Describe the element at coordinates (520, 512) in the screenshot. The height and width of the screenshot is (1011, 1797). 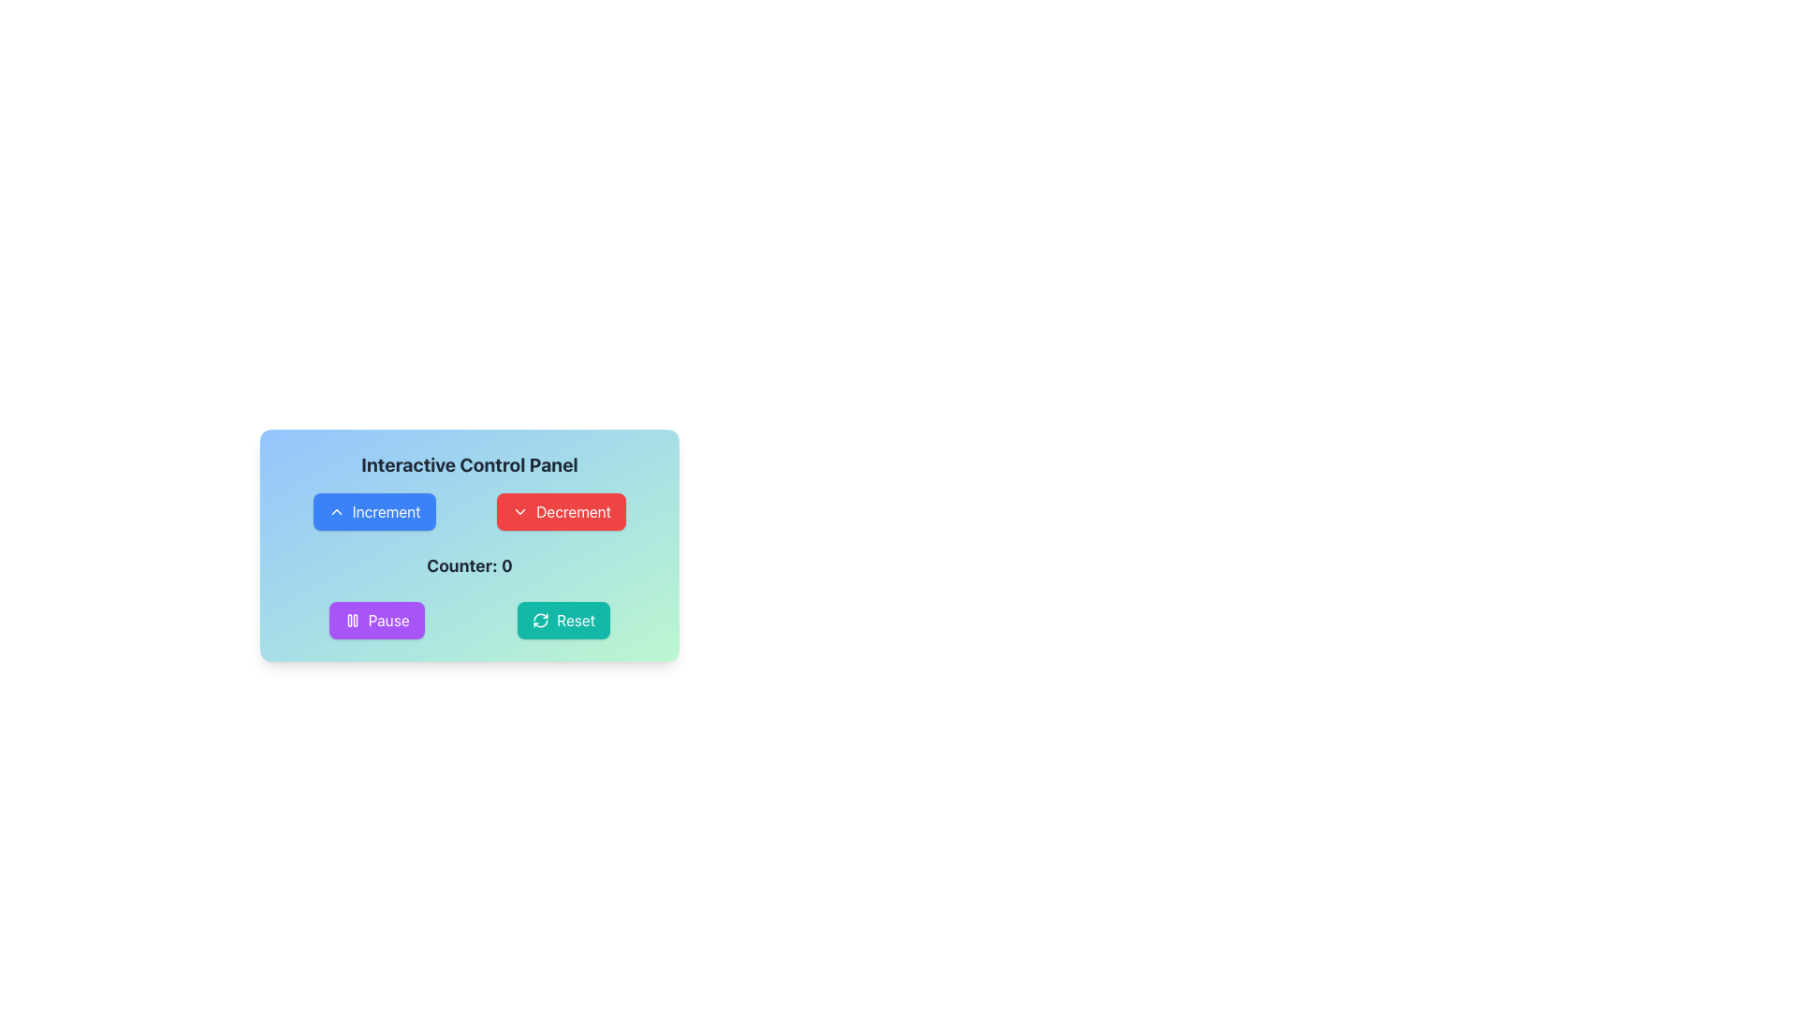
I see `the small downward-pointing chevron icon located inside the red rectangle labeled 'Decrement' in the top right section of the Interactive Control Panel` at that location.